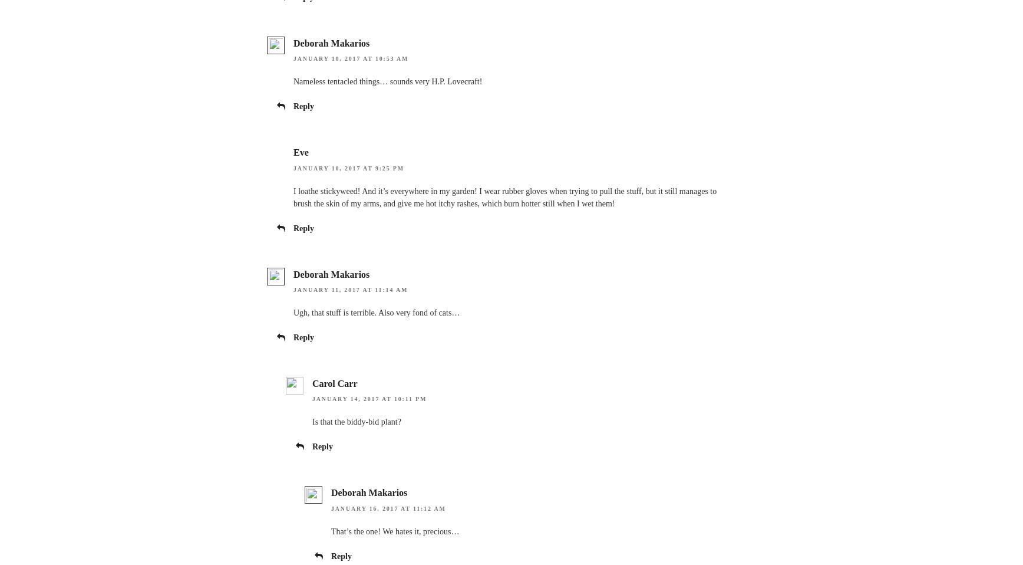 The width and height of the screenshot is (1023, 565). Describe the element at coordinates (300, 152) in the screenshot. I see `'Eve'` at that location.